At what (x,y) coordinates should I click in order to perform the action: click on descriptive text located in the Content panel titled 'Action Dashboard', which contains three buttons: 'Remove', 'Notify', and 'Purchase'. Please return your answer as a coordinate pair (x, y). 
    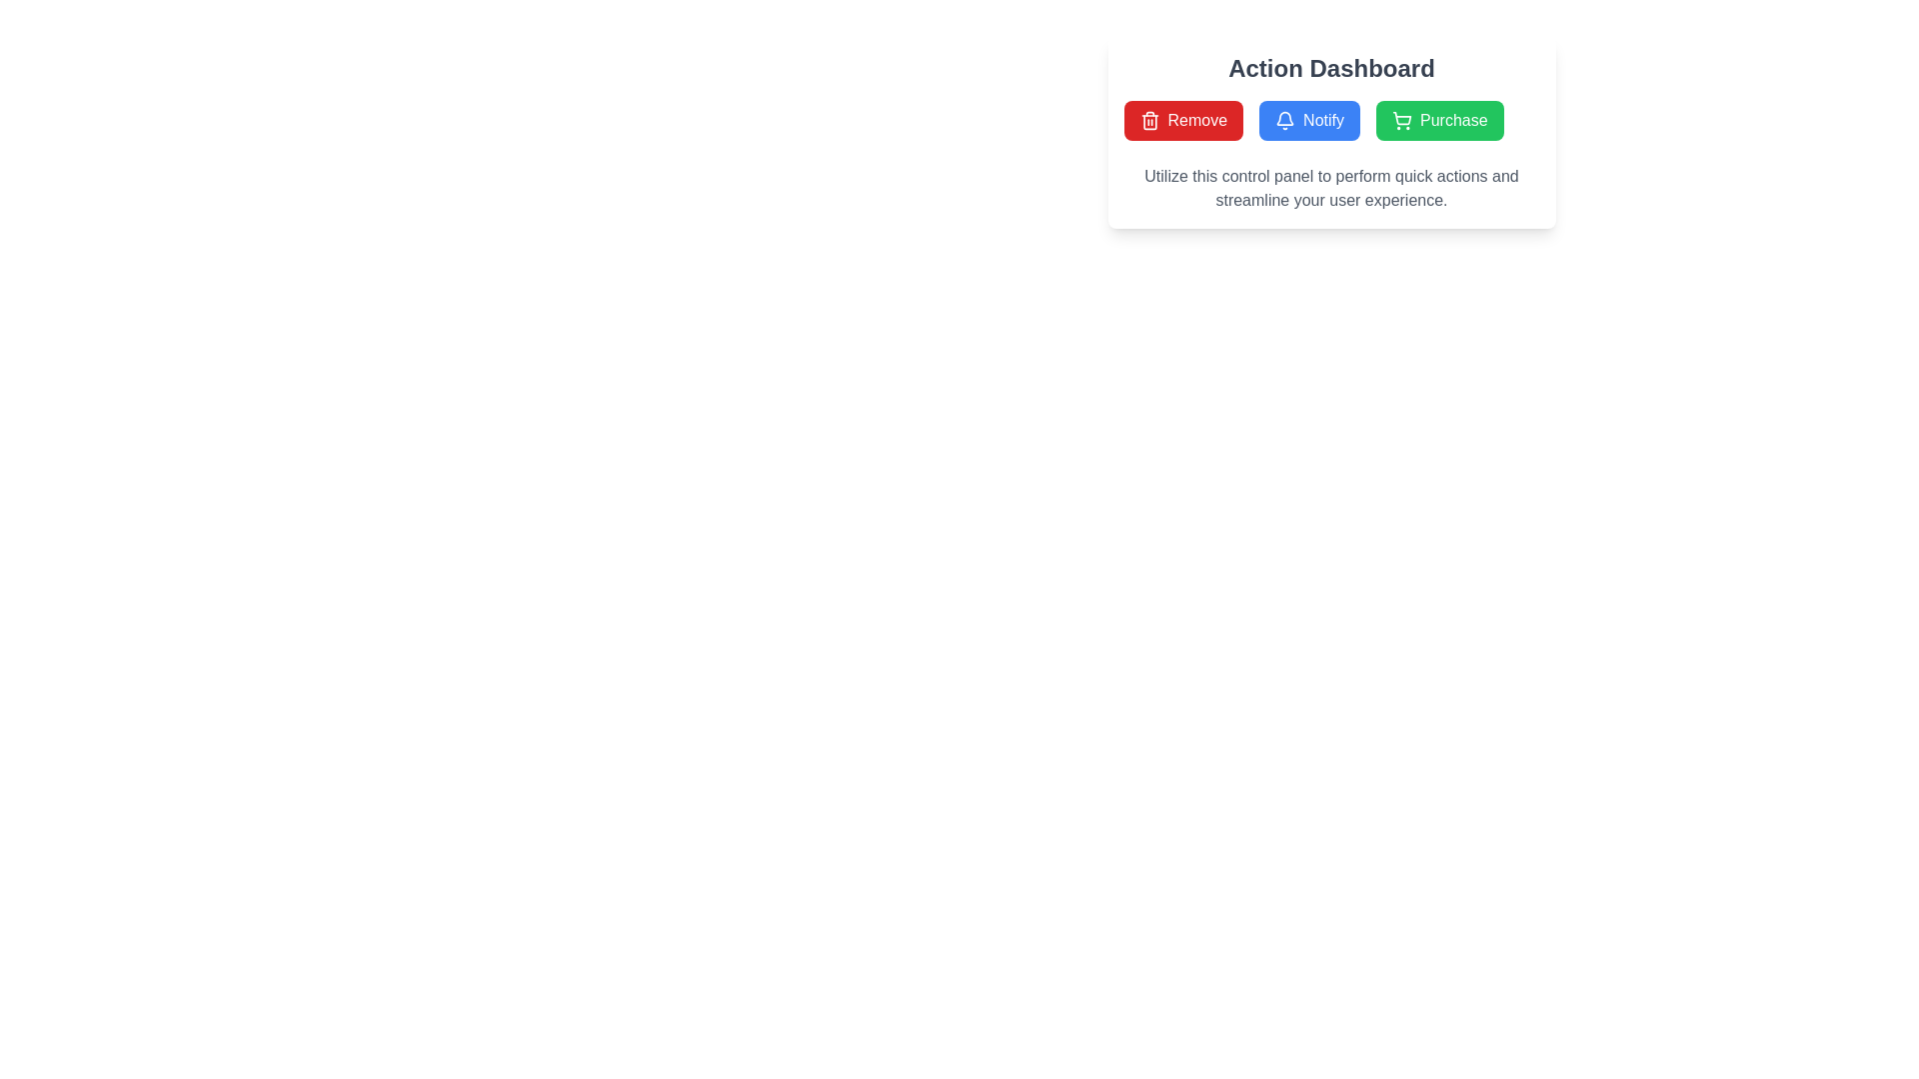
    Looking at the image, I should click on (1331, 132).